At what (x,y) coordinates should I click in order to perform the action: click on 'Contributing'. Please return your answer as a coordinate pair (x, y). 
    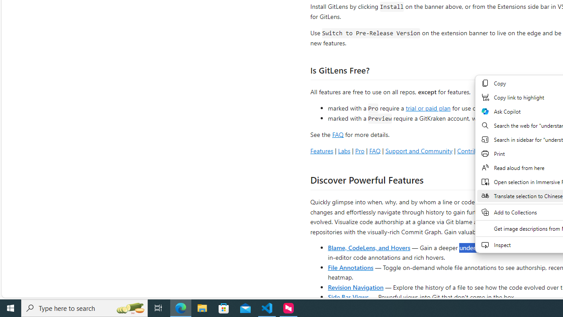
    Looking at the image, I should click on (474, 150).